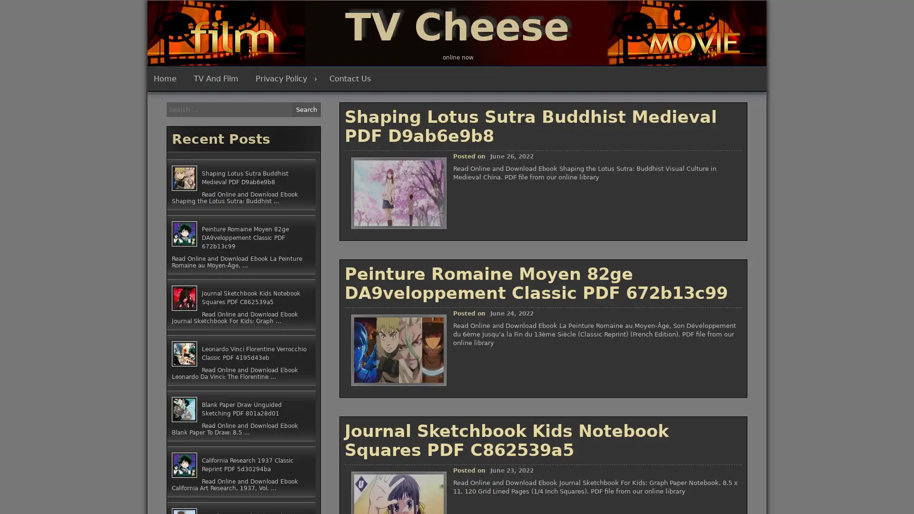 The image size is (914, 514). Describe the element at coordinates (306, 109) in the screenshot. I see `Search` at that location.